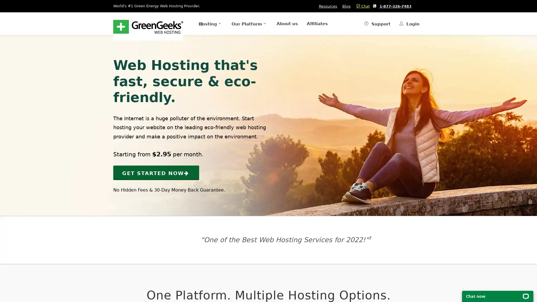 The width and height of the screenshot is (537, 302). Describe the element at coordinates (361, 6) in the screenshot. I see `Chat` at that location.